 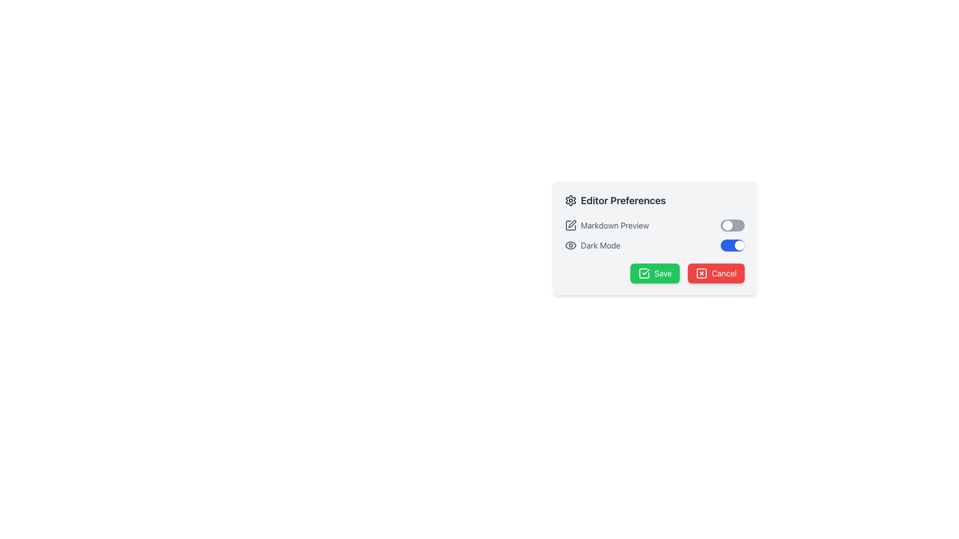 I want to click on the circular white Toggle Switch Knob located on the right side of the blue toggle switch in the 'on' state adjacent to the 'Dark Mode' label in the 'Editor Preferences' settings dialog, so click(x=740, y=246).